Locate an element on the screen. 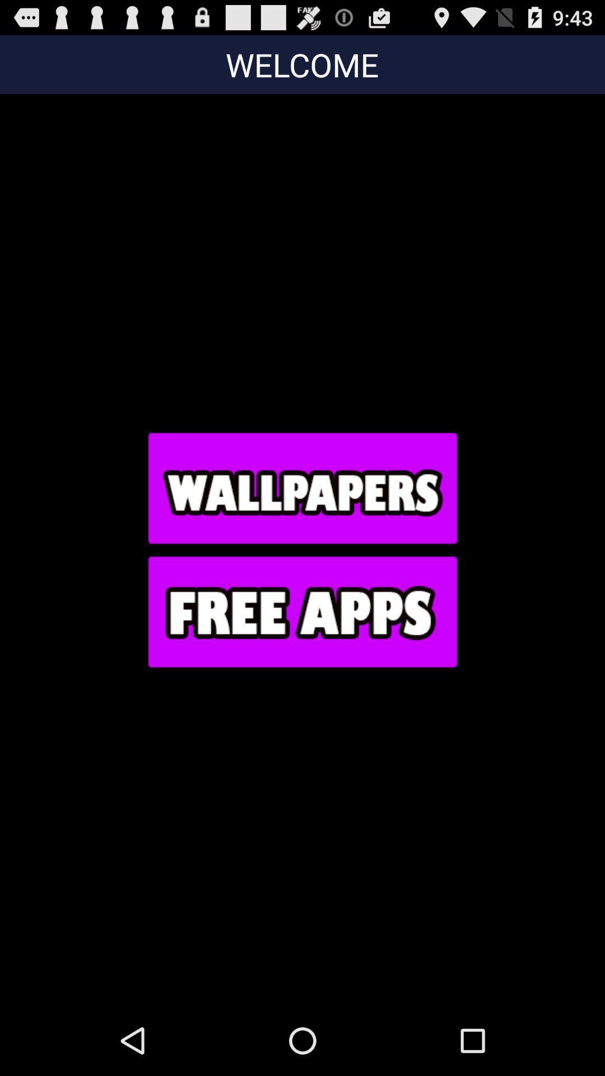 The width and height of the screenshot is (605, 1076). go up is located at coordinates (301, 488).